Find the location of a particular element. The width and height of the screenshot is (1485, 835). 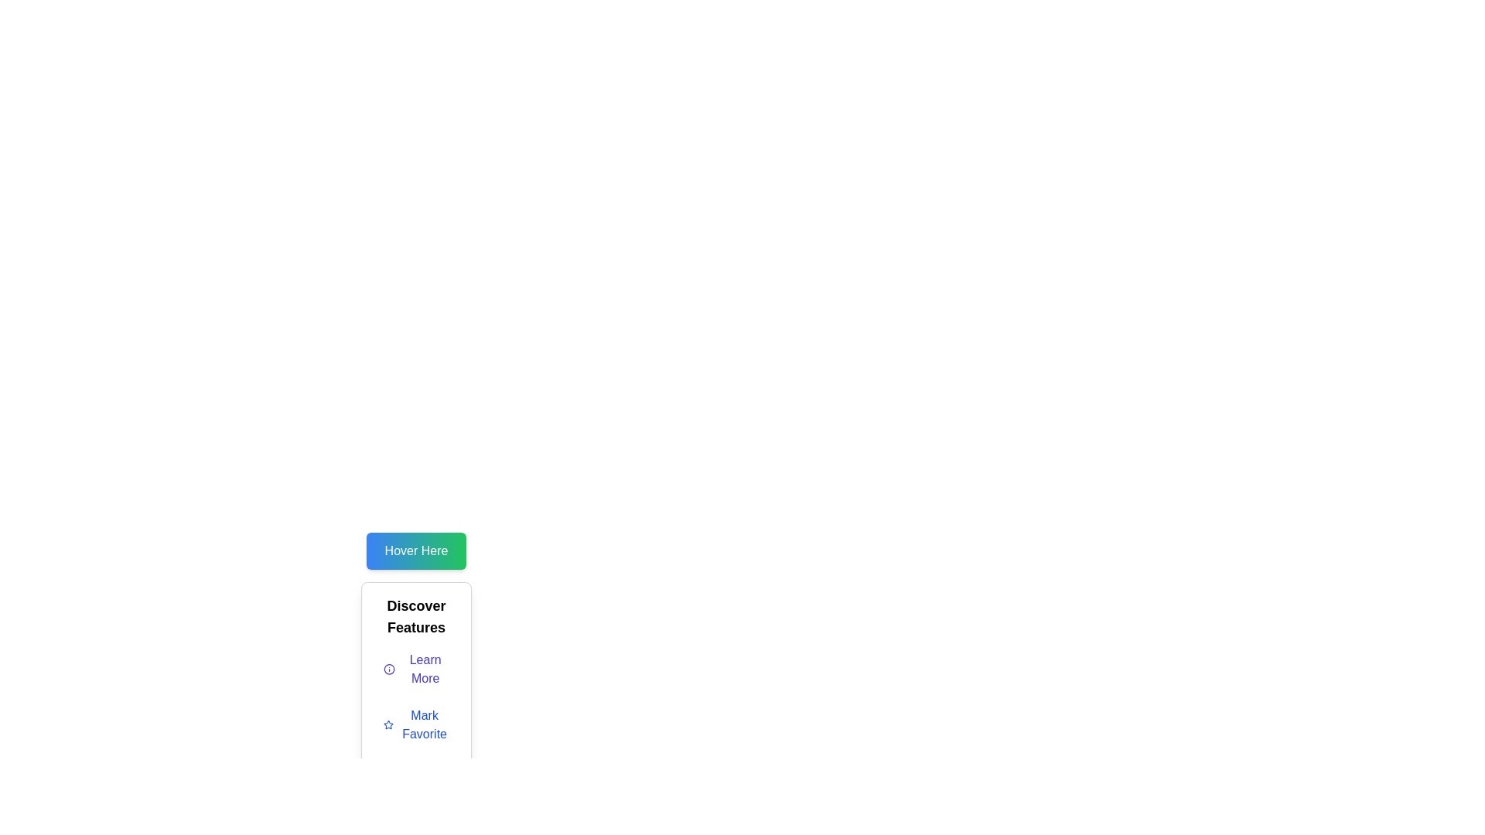

the bold, black, centered text label that reads 'Discover Features', which is located directly below the green button labeled 'Hover Here' is located at coordinates (416, 616).